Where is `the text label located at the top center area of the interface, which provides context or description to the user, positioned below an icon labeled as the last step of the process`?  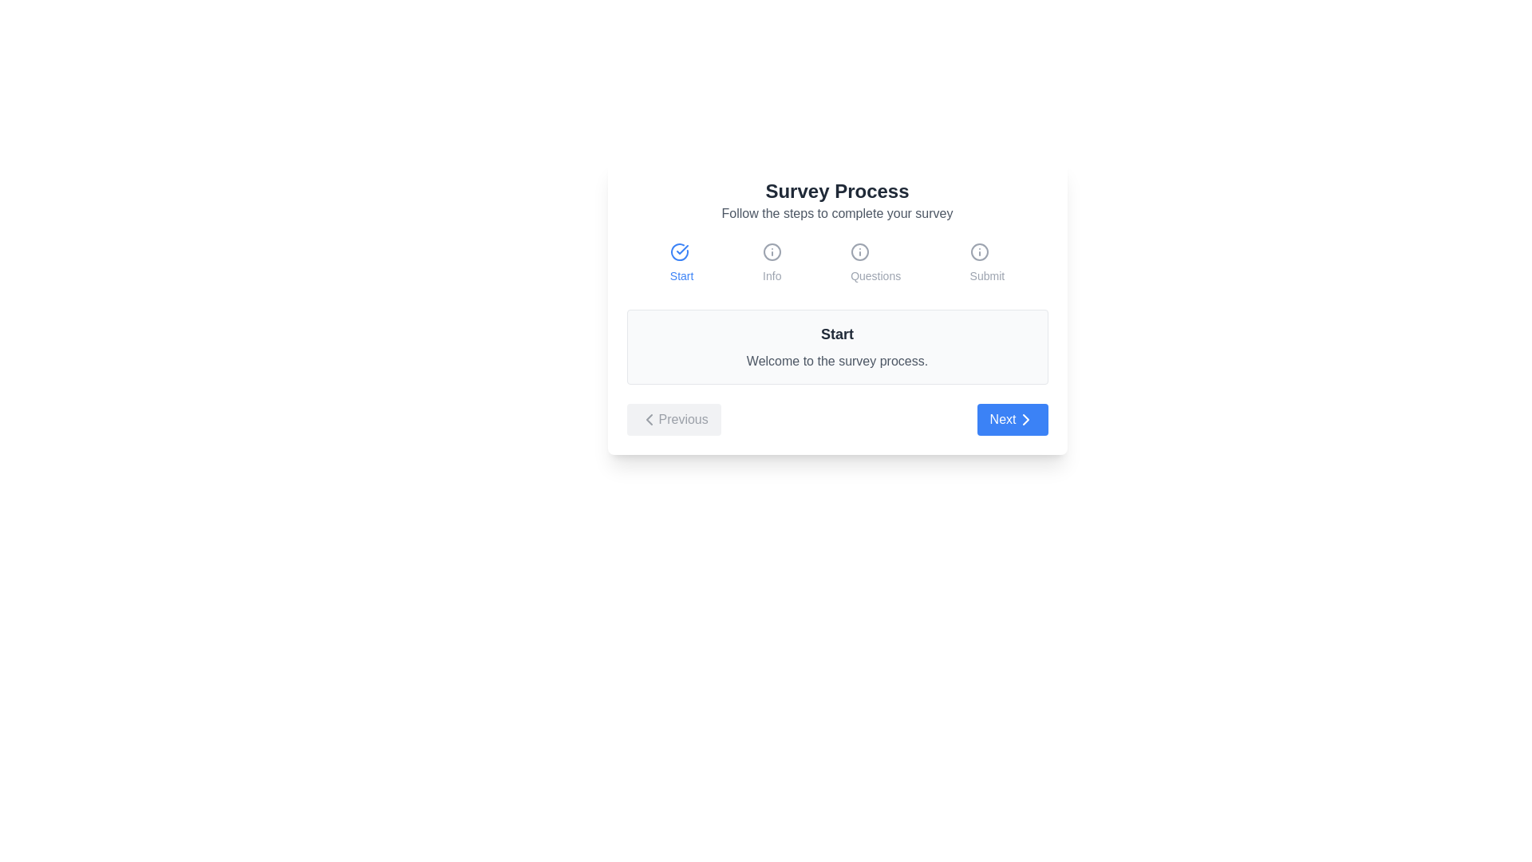 the text label located at the top center area of the interface, which provides context or description to the user, positioned below an icon labeled as the last step of the process is located at coordinates (986, 275).